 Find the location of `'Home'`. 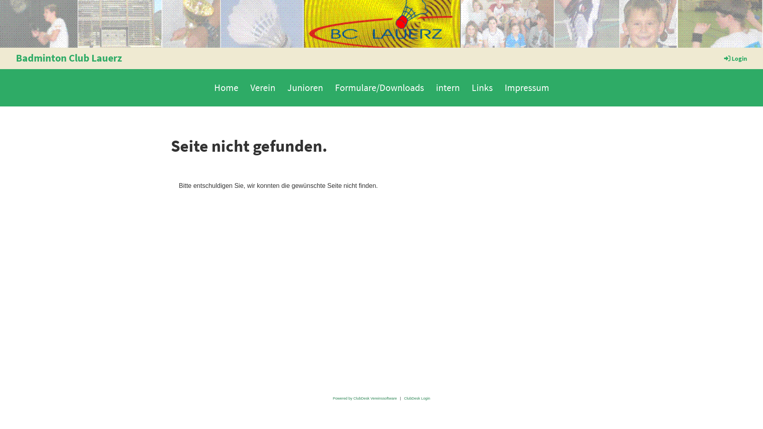

'Home' is located at coordinates (226, 87).